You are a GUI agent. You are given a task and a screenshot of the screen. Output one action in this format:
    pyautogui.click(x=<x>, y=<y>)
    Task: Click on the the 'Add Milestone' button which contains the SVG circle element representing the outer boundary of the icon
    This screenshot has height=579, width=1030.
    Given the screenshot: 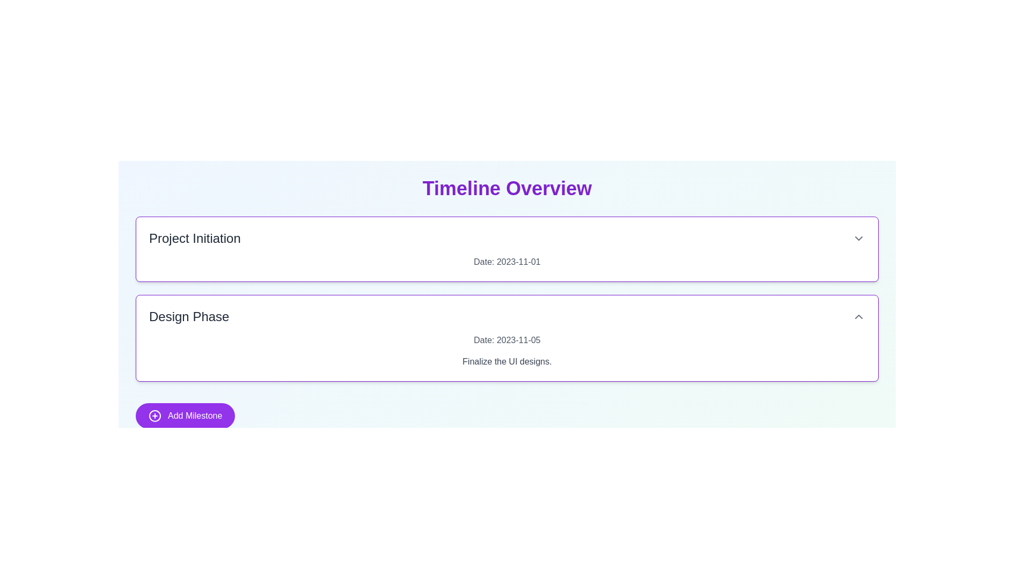 What is the action you would take?
    pyautogui.click(x=154, y=415)
    